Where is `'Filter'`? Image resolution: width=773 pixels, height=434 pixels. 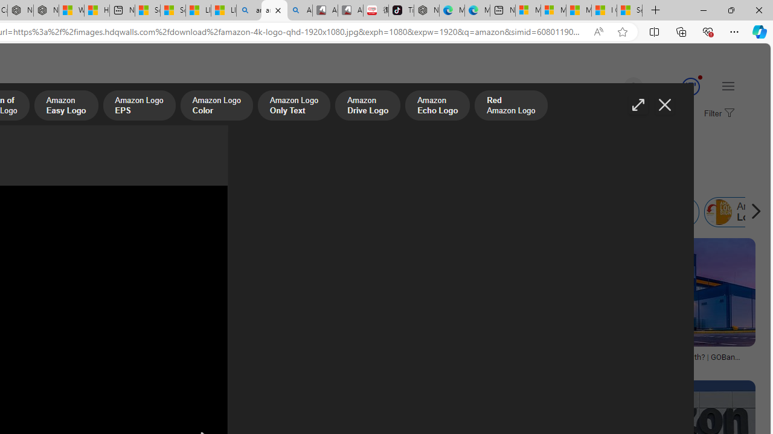
'Filter' is located at coordinates (717, 114).